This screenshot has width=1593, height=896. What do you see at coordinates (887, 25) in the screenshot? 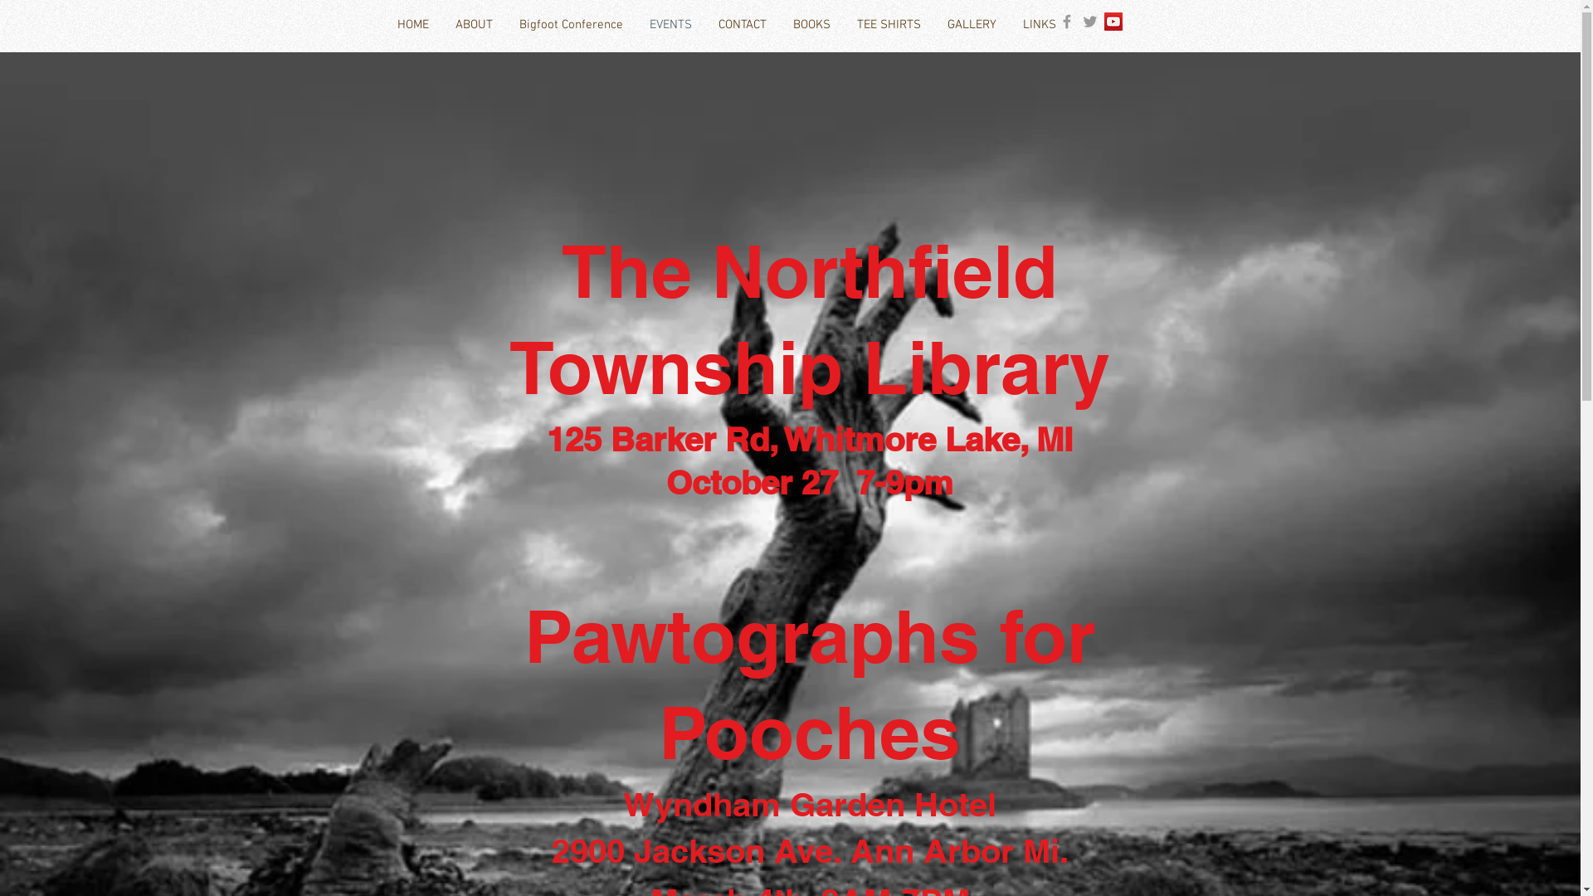
I see `'TEE SHIRTS'` at bounding box center [887, 25].